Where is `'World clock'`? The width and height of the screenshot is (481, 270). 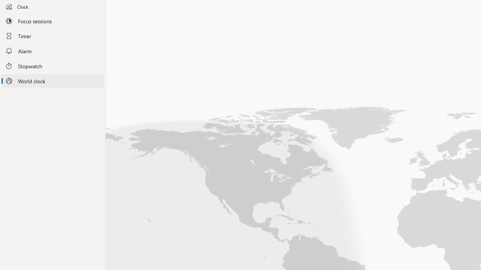
'World clock' is located at coordinates (52, 81).